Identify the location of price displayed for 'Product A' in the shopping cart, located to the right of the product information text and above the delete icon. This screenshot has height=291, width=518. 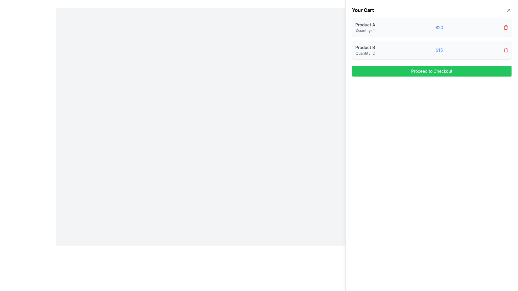
(439, 27).